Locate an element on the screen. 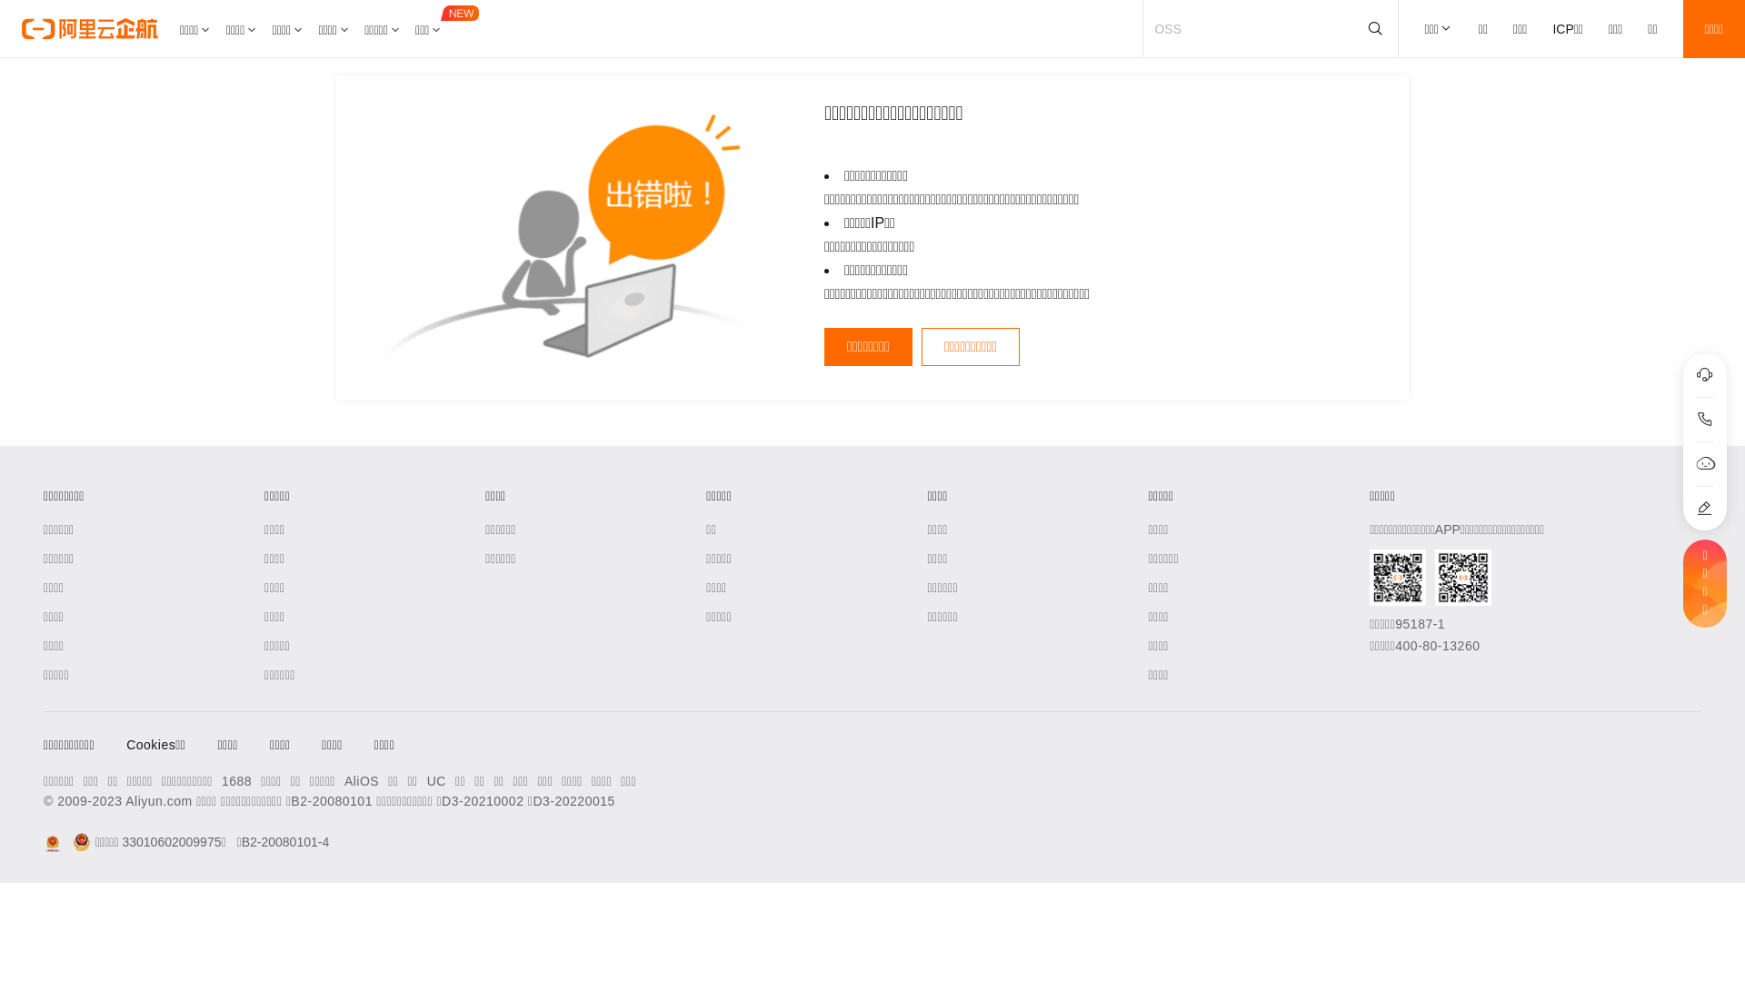  'UC' is located at coordinates (436, 780).